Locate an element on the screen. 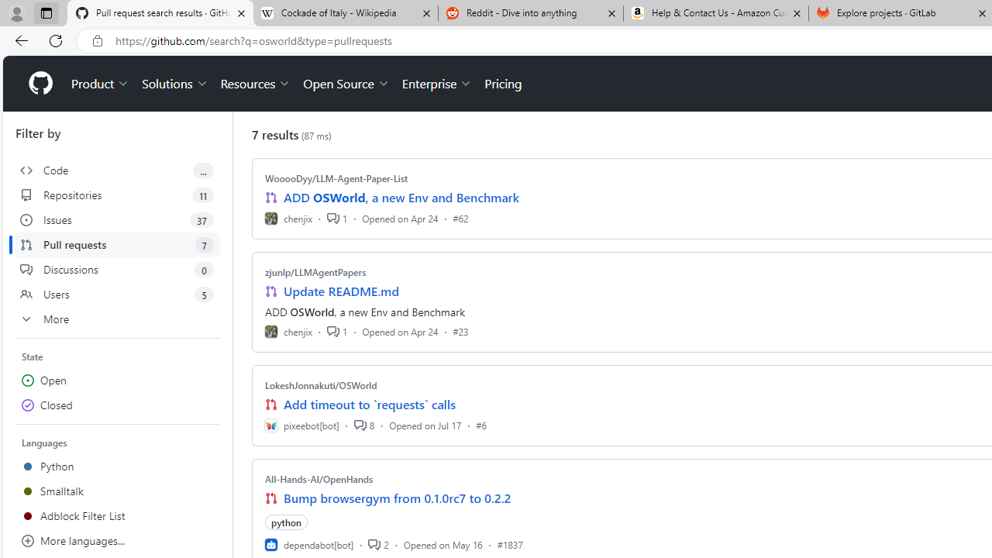 The width and height of the screenshot is (992, 558). 'WooooDyy/LLM-Agent-Paper-List' is located at coordinates (336, 177).